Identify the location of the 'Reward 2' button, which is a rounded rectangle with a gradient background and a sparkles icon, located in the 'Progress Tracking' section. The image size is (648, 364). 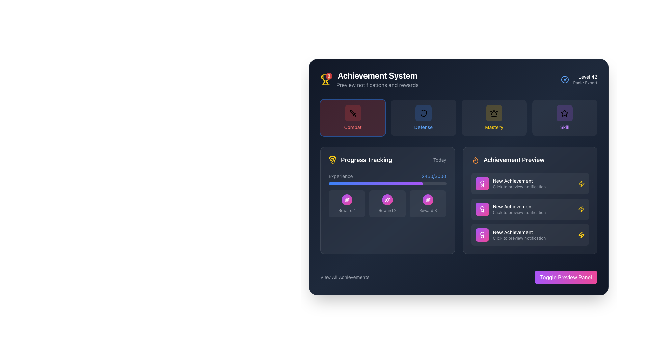
(387, 195).